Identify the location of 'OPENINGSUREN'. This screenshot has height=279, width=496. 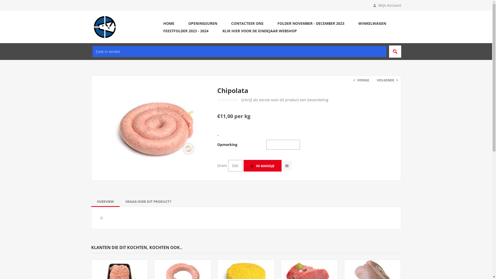
(203, 23).